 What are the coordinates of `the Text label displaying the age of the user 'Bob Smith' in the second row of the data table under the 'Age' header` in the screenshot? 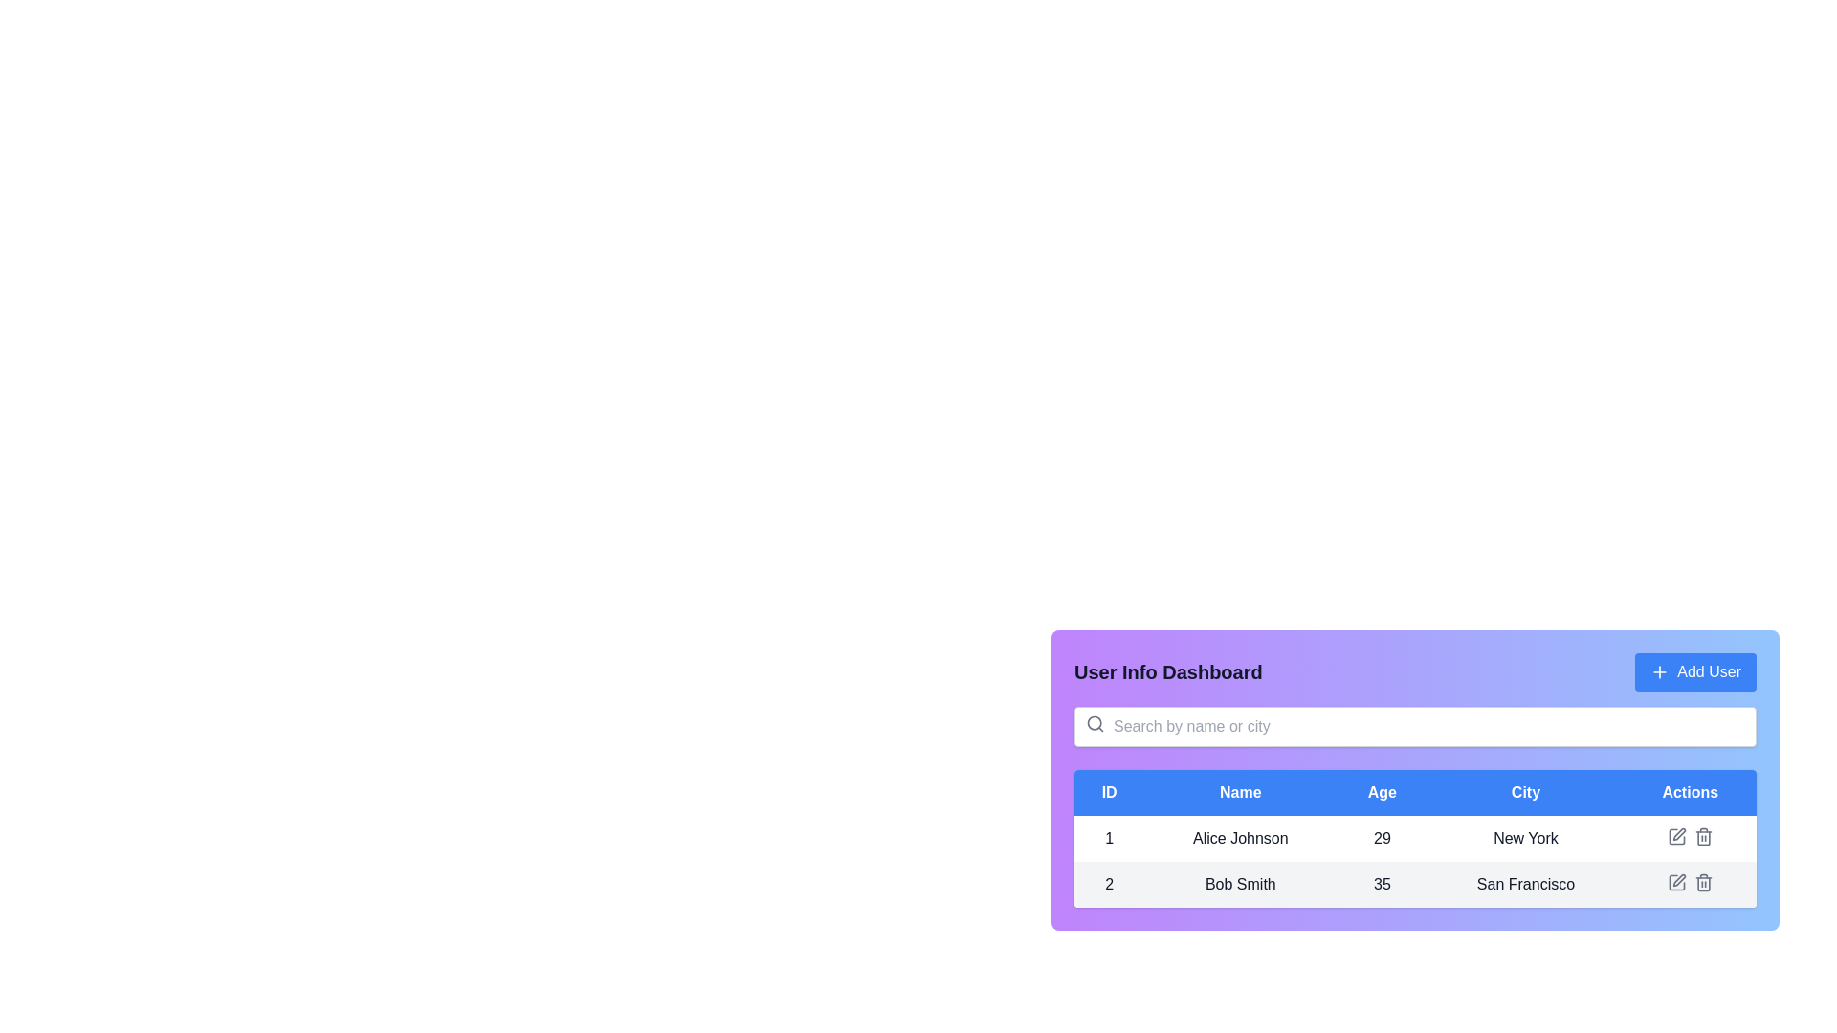 It's located at (1382, 885).